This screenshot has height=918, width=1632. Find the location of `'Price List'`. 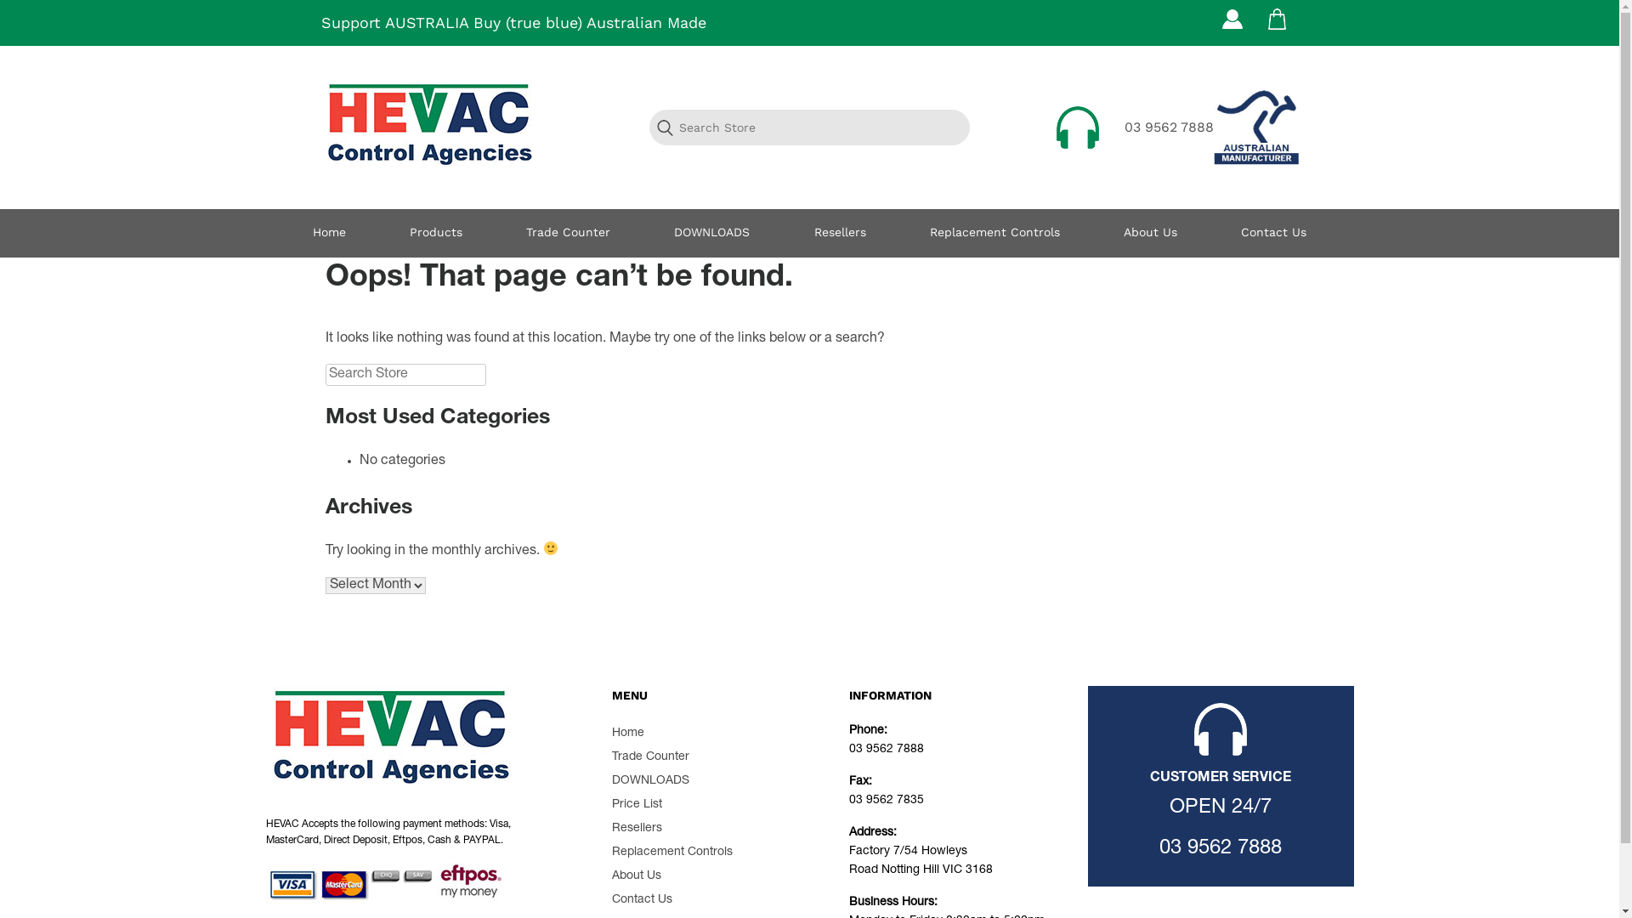

'Price List' is located at coordinates (636, 804).